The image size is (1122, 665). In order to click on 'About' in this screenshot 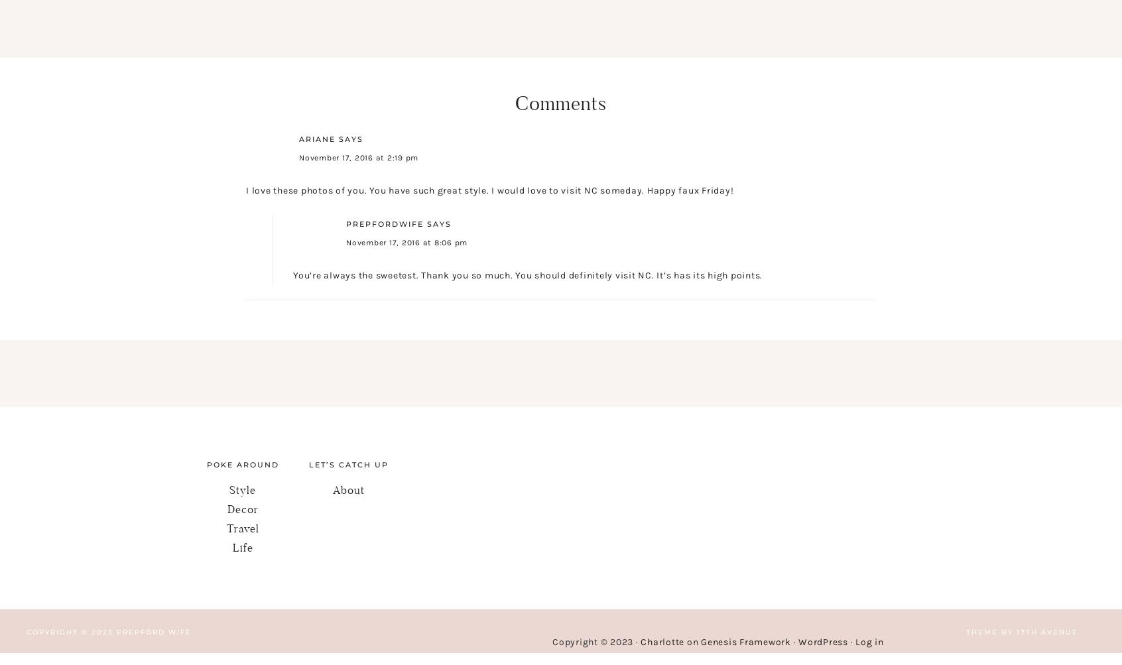, I will do `click(349, 489)`.